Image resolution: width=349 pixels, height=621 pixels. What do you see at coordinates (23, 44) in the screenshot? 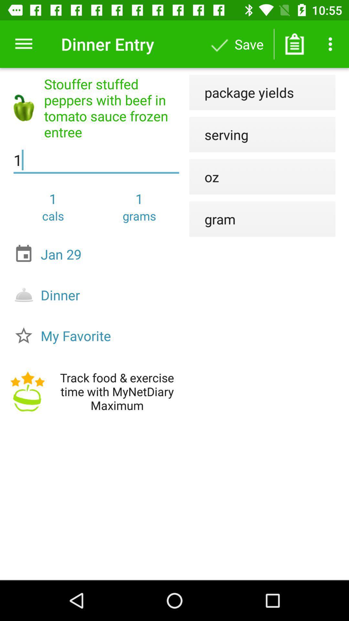
I see `icon above stouffer stuffed peppers item` at bounding box center [23, 44].